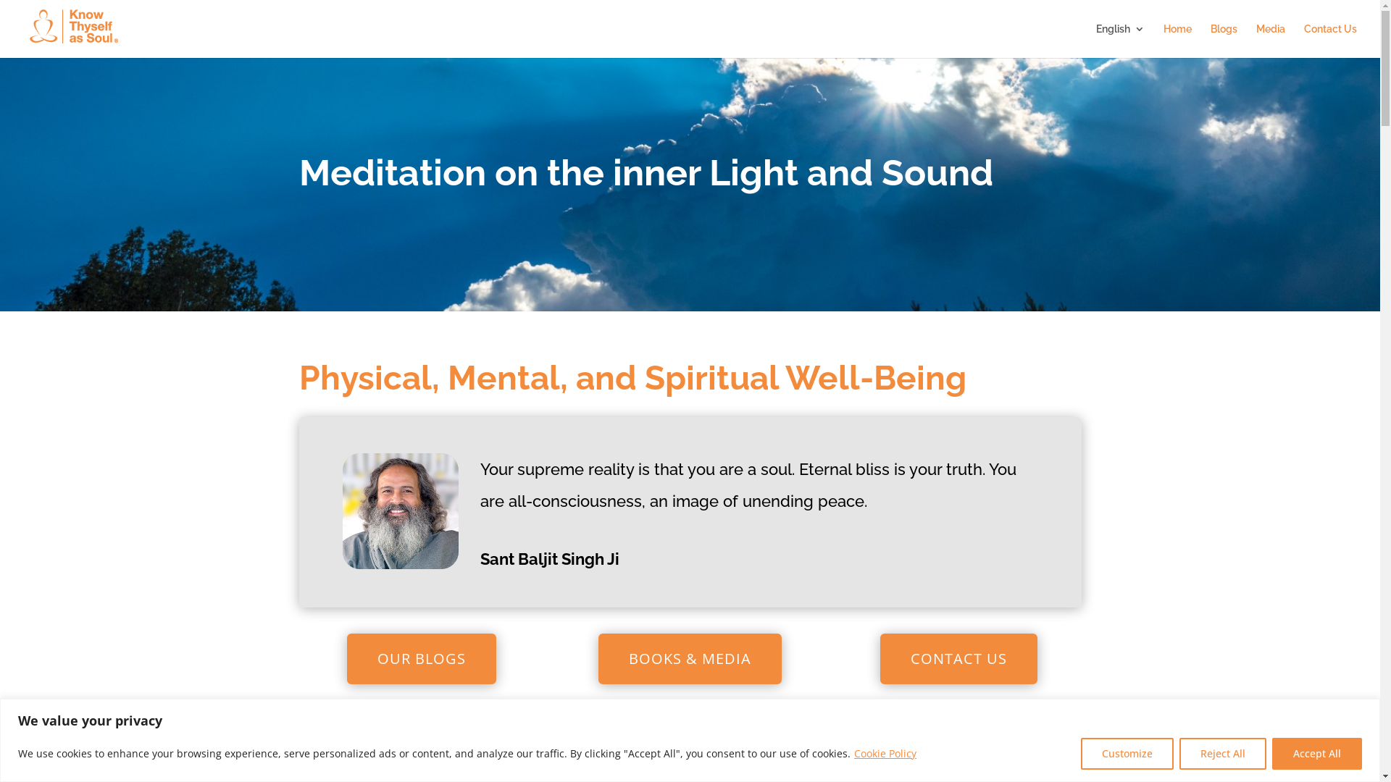 This screenshot has width=1391, height=782. I want to click on 'English', so click(1119, 40).